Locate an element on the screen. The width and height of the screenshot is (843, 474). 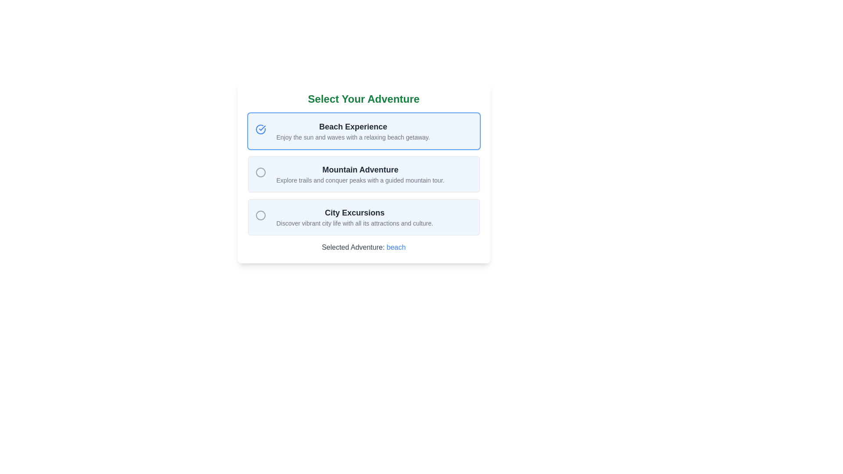
the static text label displaying 'beach' in blue font, located within the 'Selected Adventure' summary at the bottom of a card-like layout is located at coordinates (396, 247).